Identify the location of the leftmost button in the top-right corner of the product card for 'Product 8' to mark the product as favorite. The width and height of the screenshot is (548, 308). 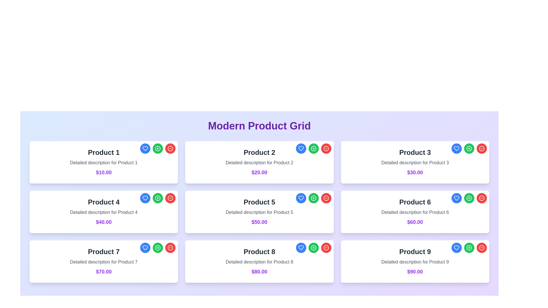
(301, 247).